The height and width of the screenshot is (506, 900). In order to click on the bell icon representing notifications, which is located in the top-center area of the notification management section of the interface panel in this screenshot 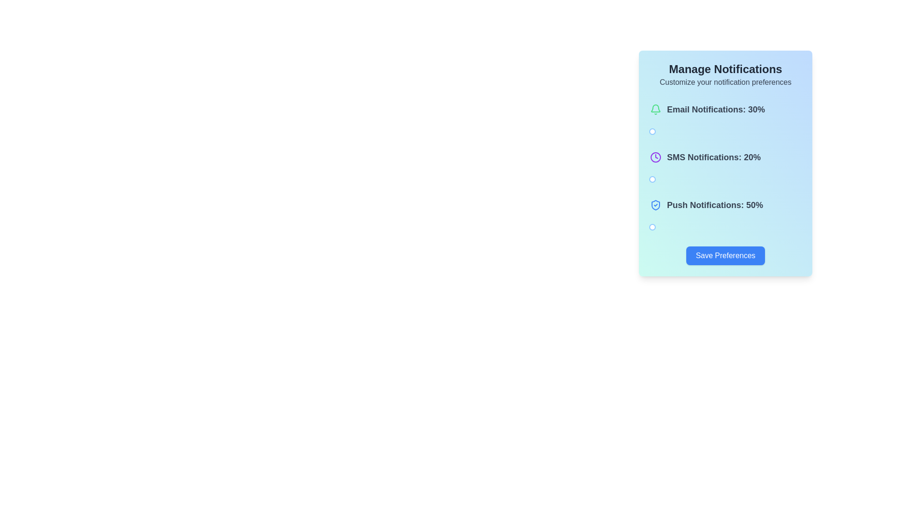, I will do `click(655, 108)`.